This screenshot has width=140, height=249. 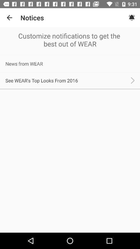 I want to click on the icon to the right of notices icon, so click(x=132, y=18).